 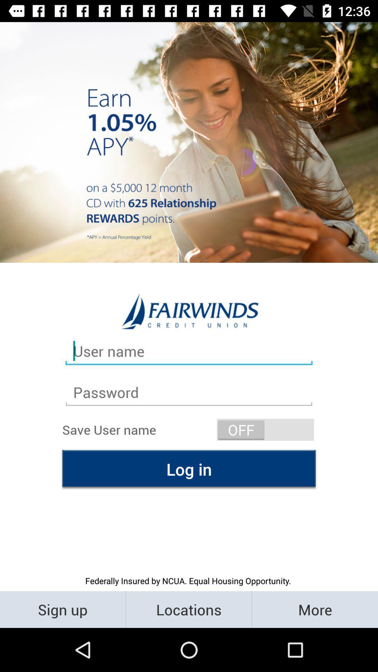 I want to click on the icon next to the save user name item, so click(x=265, y=429).